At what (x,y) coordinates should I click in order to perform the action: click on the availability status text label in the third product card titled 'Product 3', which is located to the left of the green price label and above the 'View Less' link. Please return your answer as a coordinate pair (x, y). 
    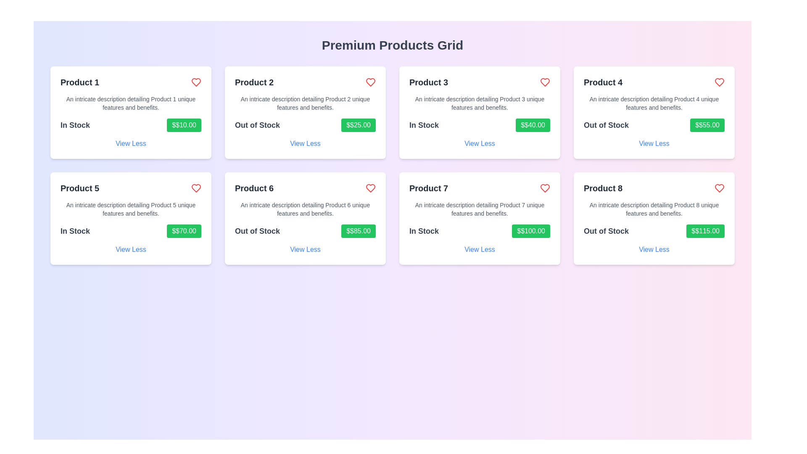
    Looking at the image, I should click on (424, 125).